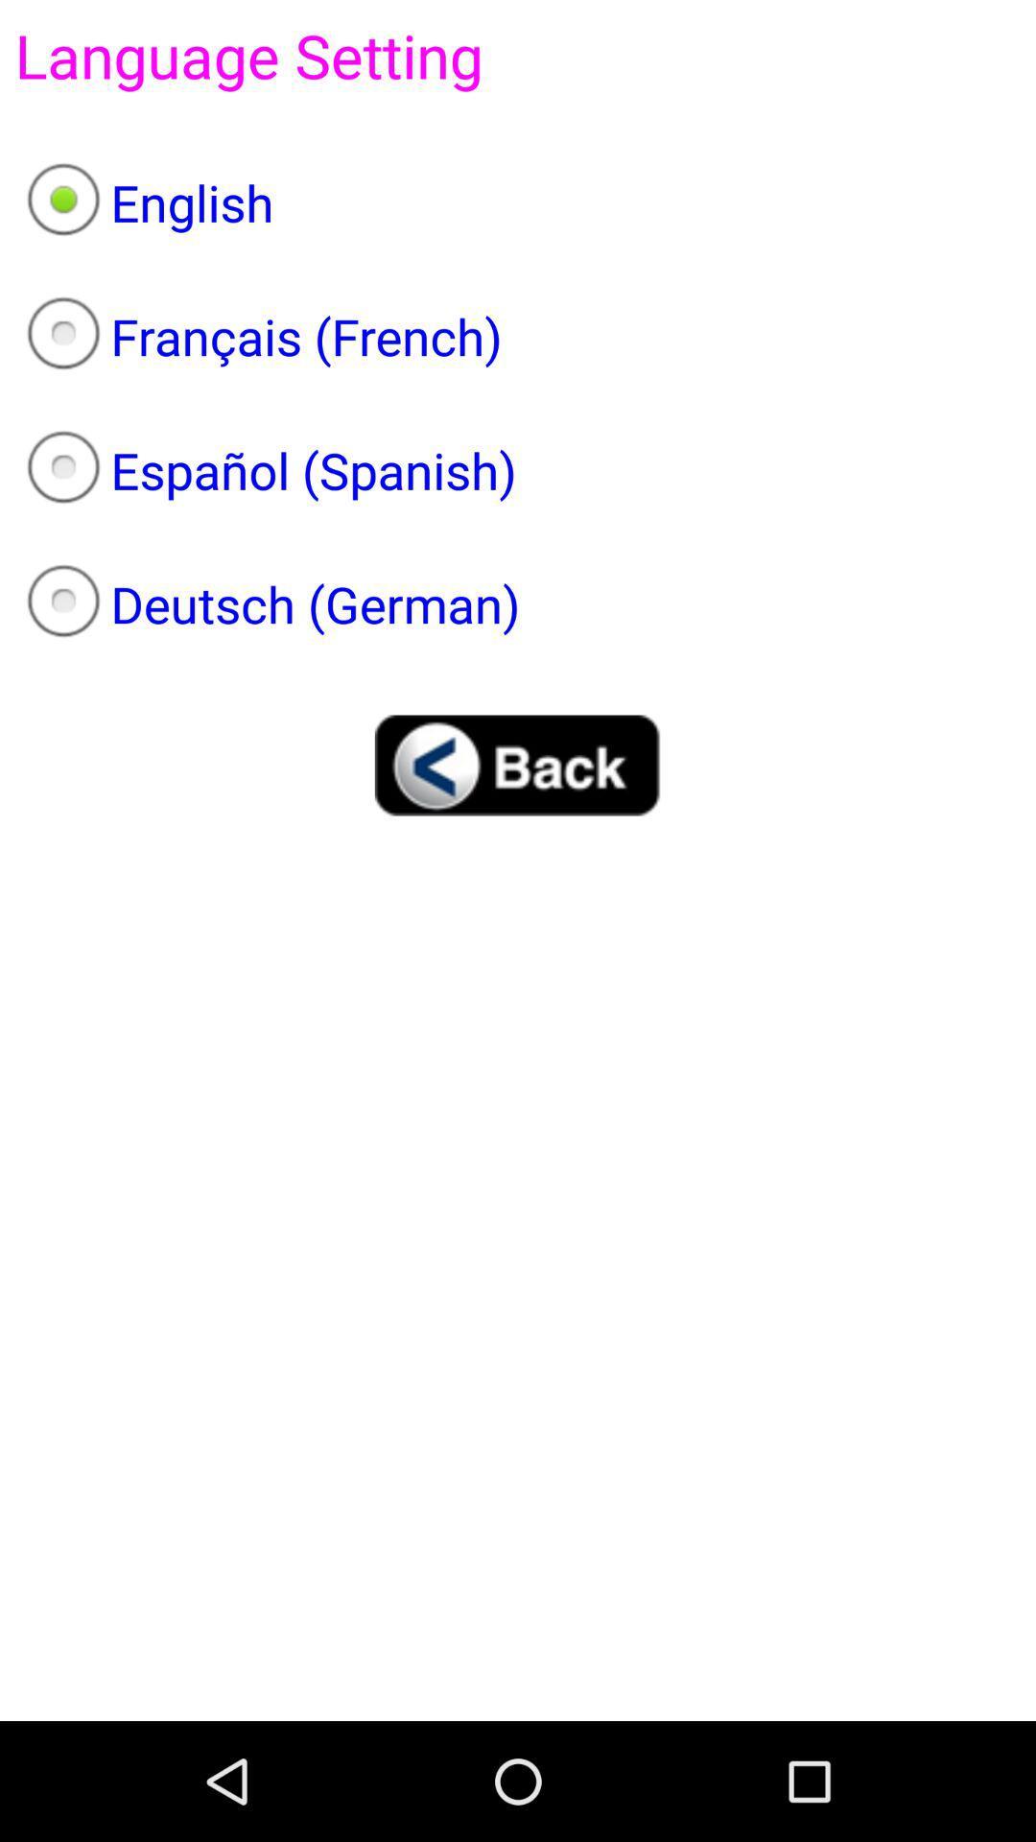  What do you see at coordinates (518, 202) in the screenshot?
I see `app below the   app` at bounding box center [518, 202].